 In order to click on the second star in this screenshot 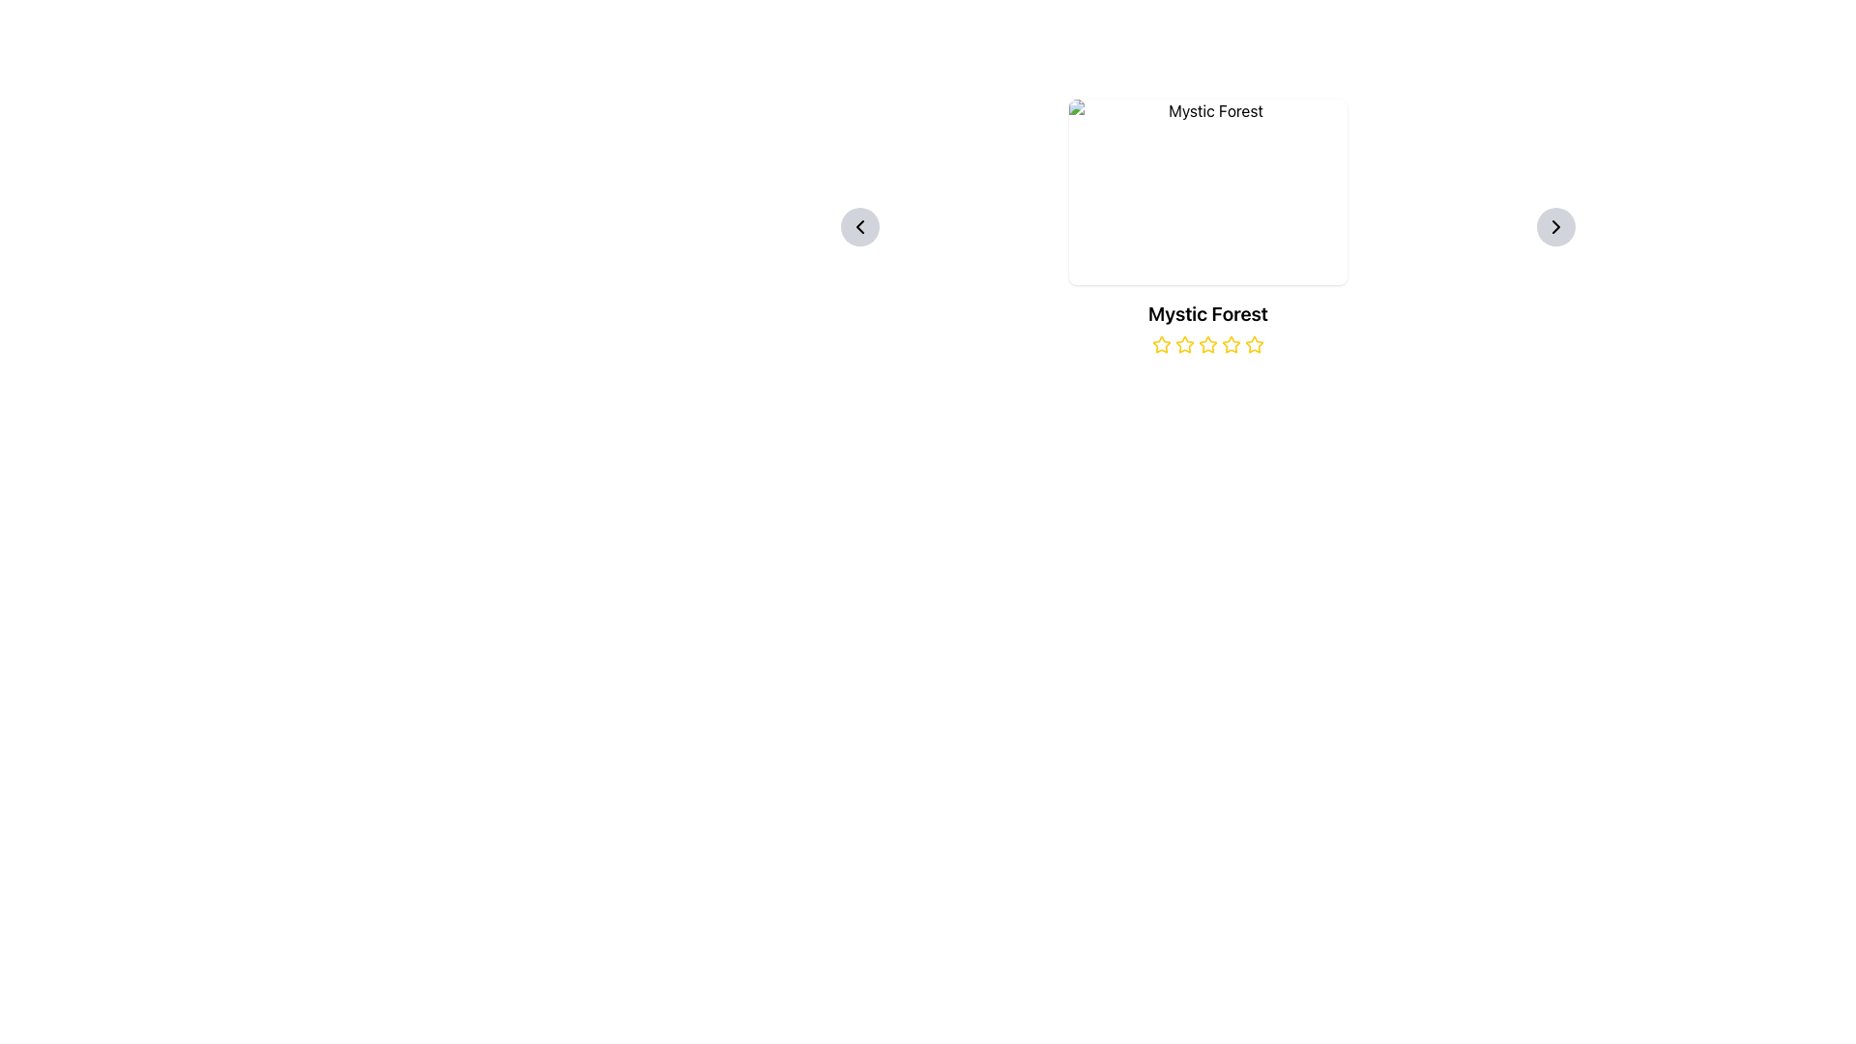, I will do `click(1183, 343)`.